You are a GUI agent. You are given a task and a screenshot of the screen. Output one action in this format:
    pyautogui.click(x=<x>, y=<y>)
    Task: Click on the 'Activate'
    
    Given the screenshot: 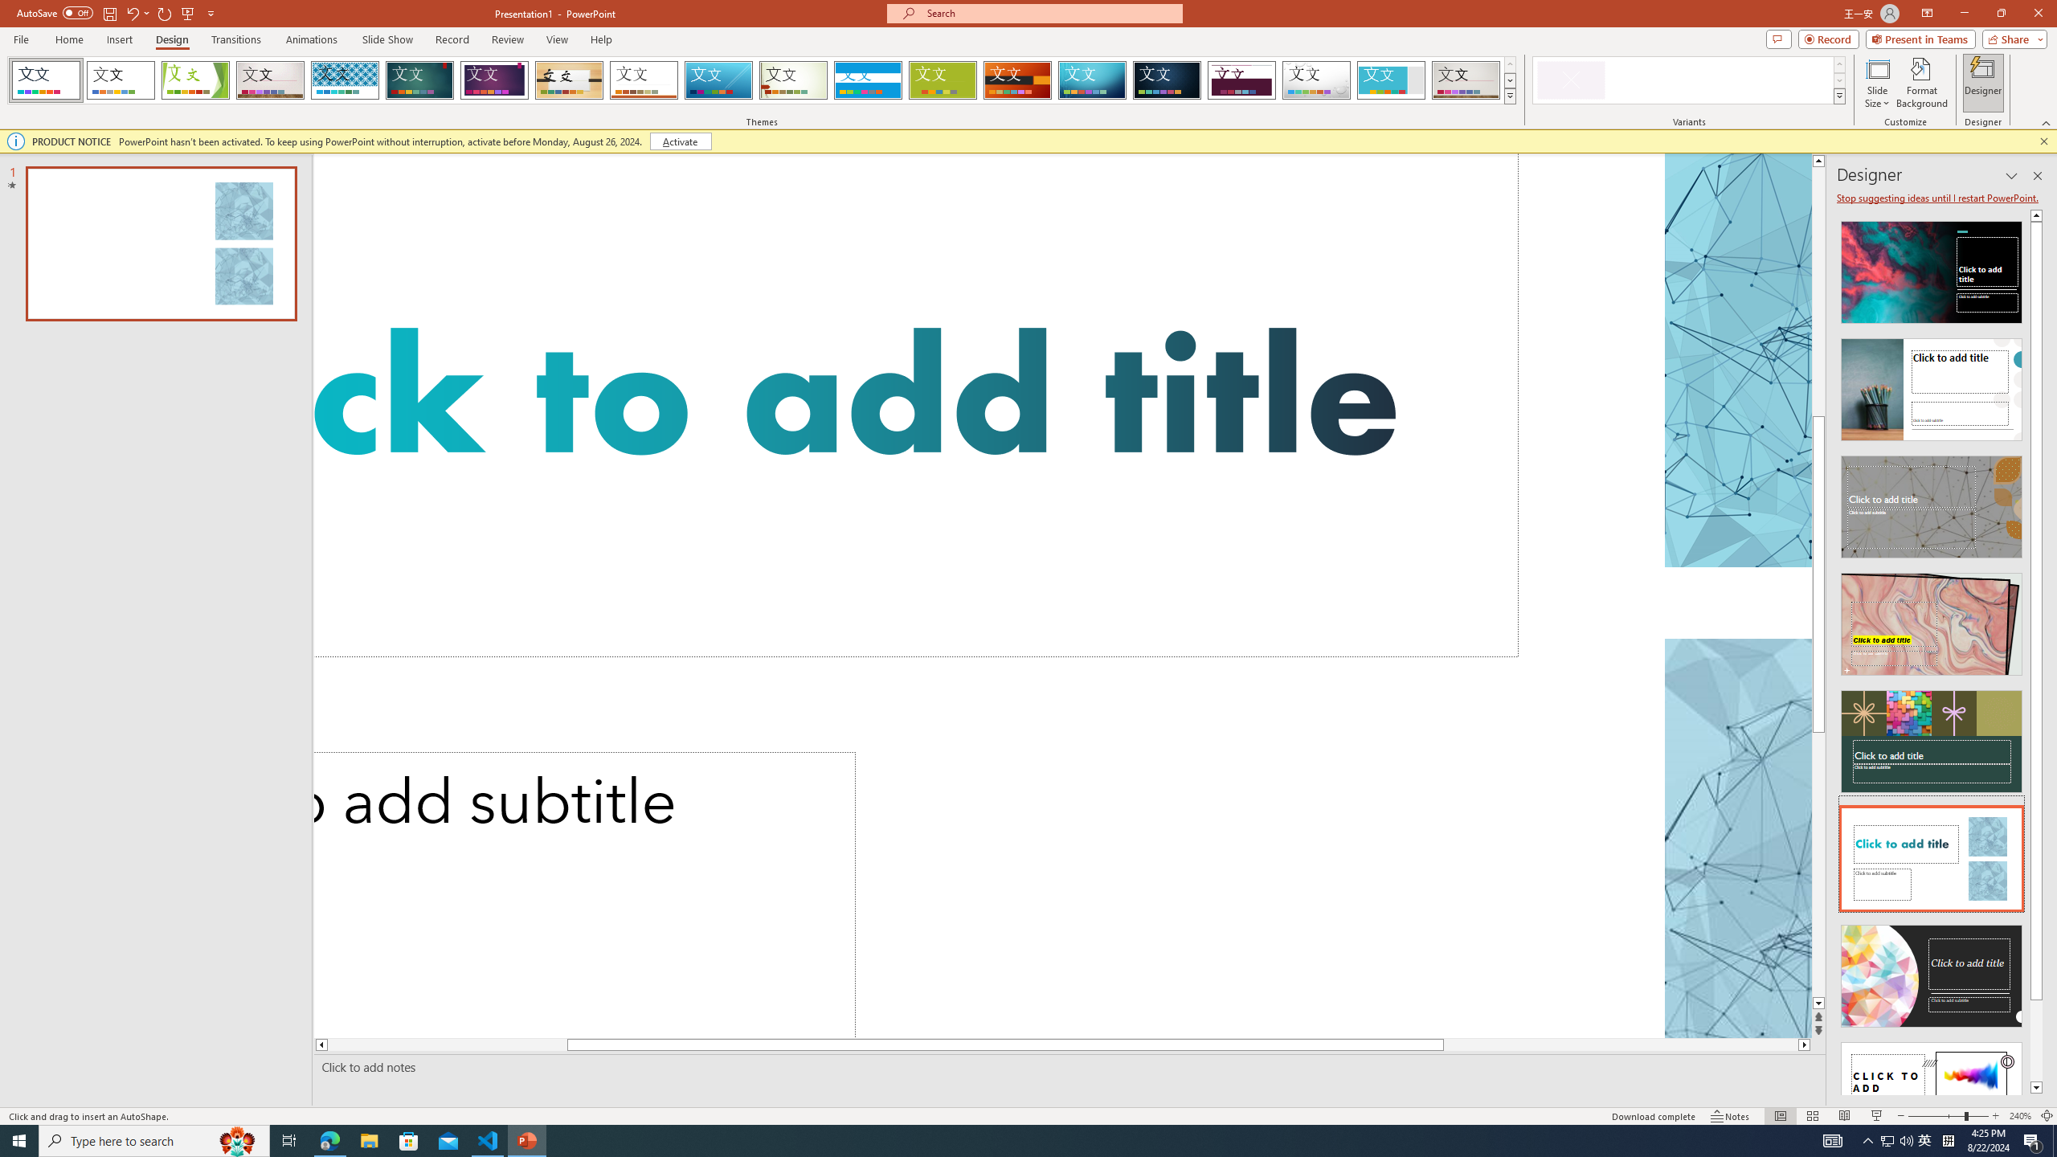 What is the action you would take?
    pyautogui.click(x=681, y=141)
    